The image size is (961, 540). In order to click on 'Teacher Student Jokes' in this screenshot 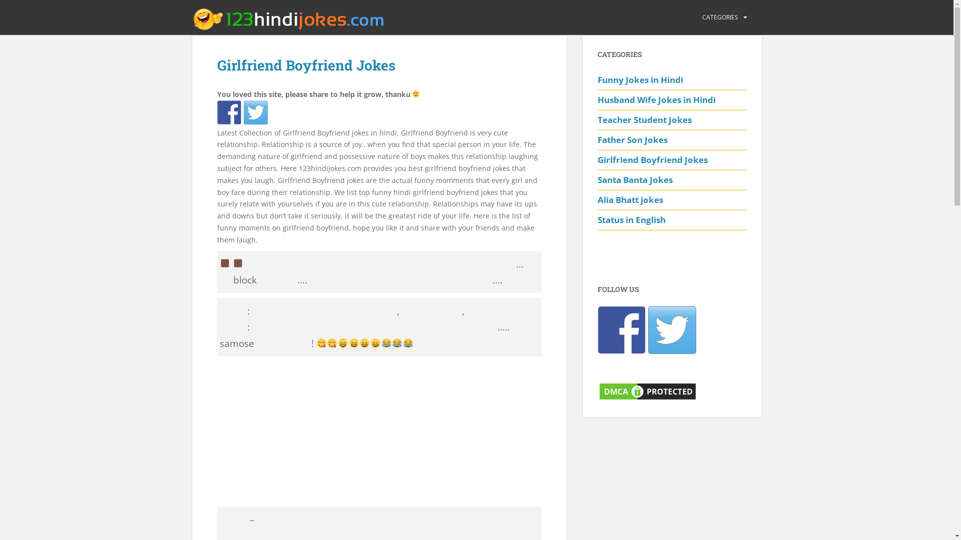, I will do `click(672, 119)`.